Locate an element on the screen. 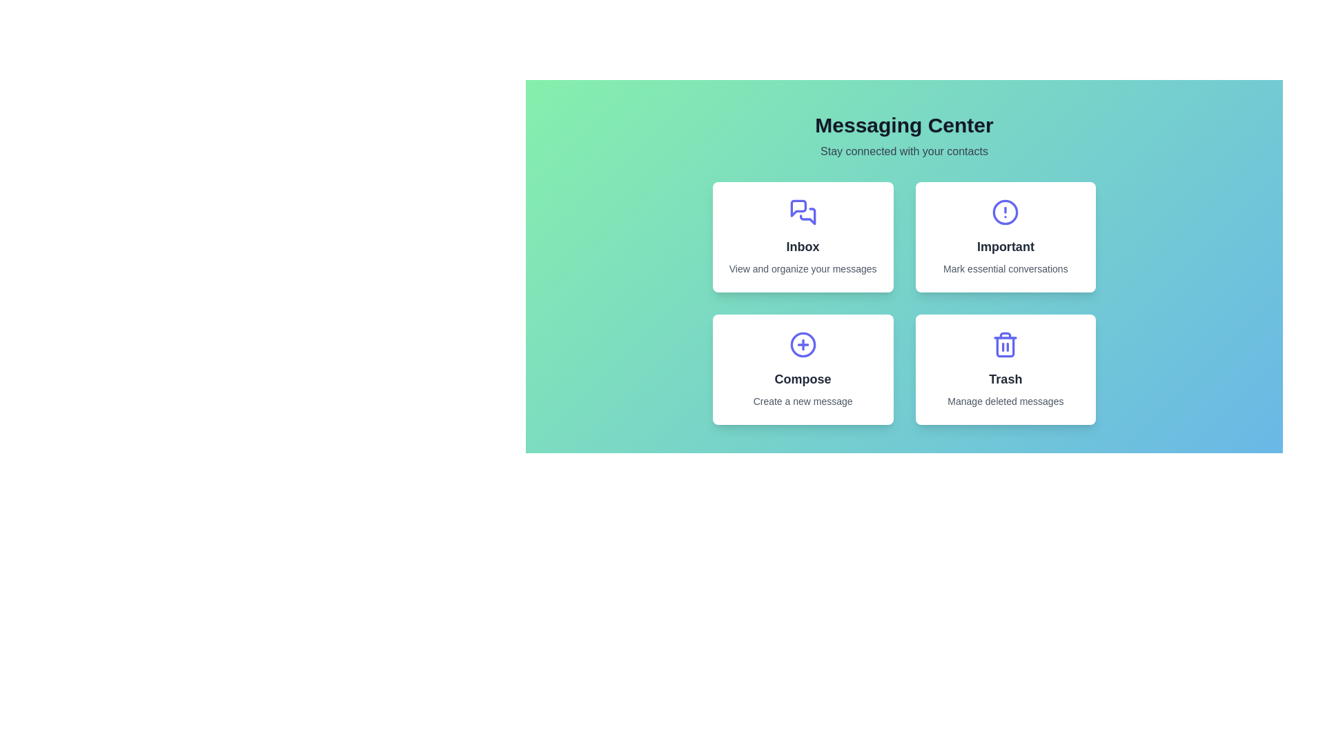  the circular outline in the 'Important' section of the SVG vector graphic, which serves as a prominent visual feature of the icon is located at coordinates (1005, 212).